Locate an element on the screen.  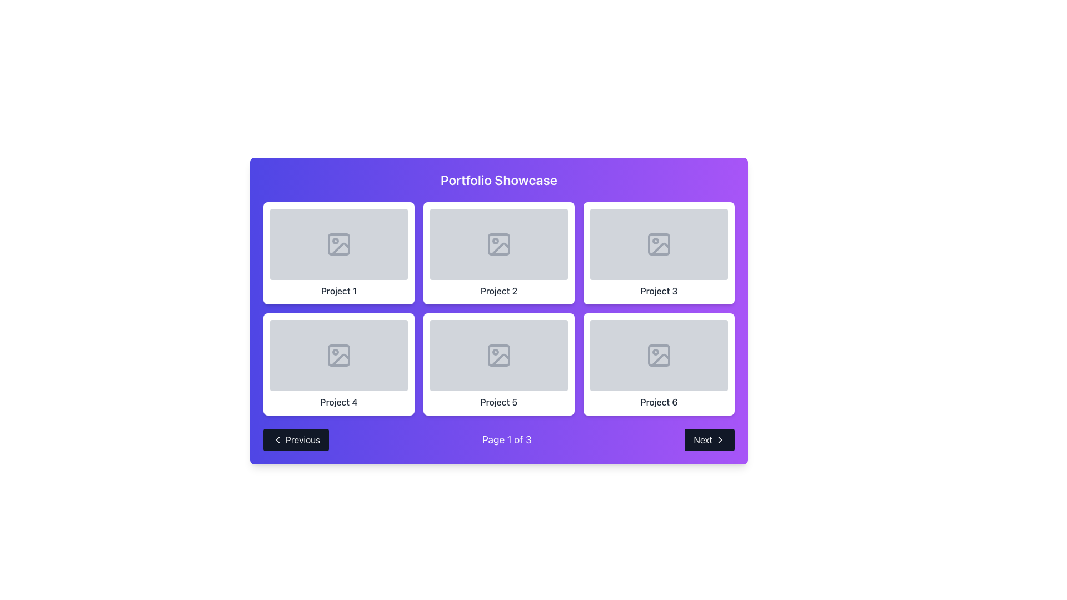
the rectangular 'Next' button with a dark gray background and white text is located at coordinates (709, 439).